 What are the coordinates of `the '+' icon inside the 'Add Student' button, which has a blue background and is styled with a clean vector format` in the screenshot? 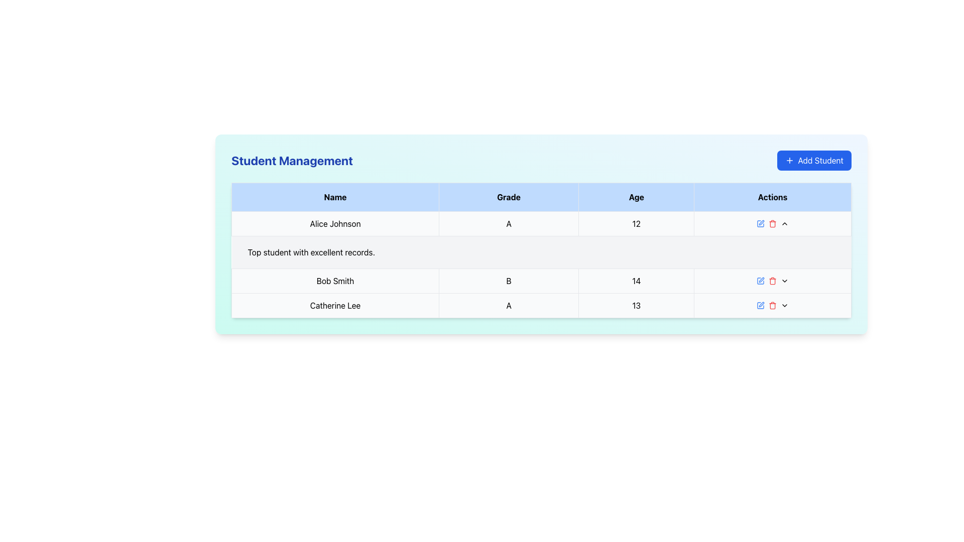 It's located at (789, 160).